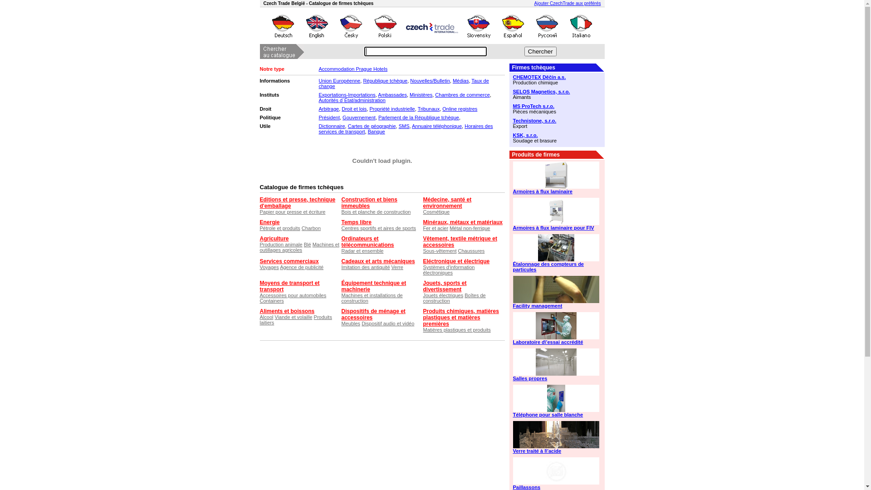 The height and width of the screenshot is (490, 871). What do you see at coordinates (460, 108) in the screenshot?
I see `'Online registres'` at bounding box center [460, 108].